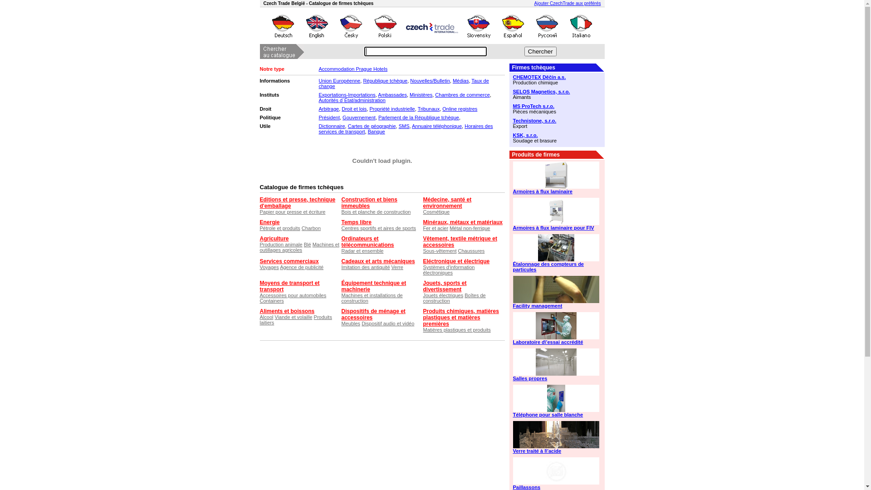 The height and width of the screenshot is (490, 871). What do you see at coordinates (460, 108) in the screenshot?
I see `'Online registres'` at bounding box center [460, 108].